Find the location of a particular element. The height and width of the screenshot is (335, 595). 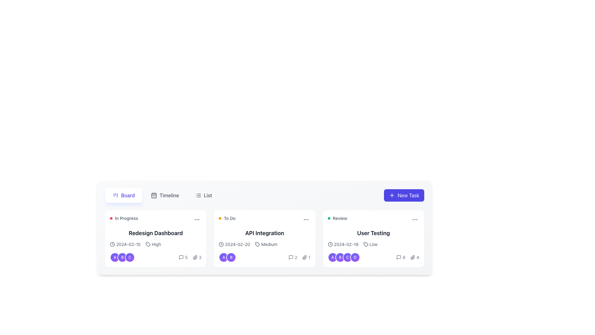

the due date display element located is located at coordinates (343, 244).